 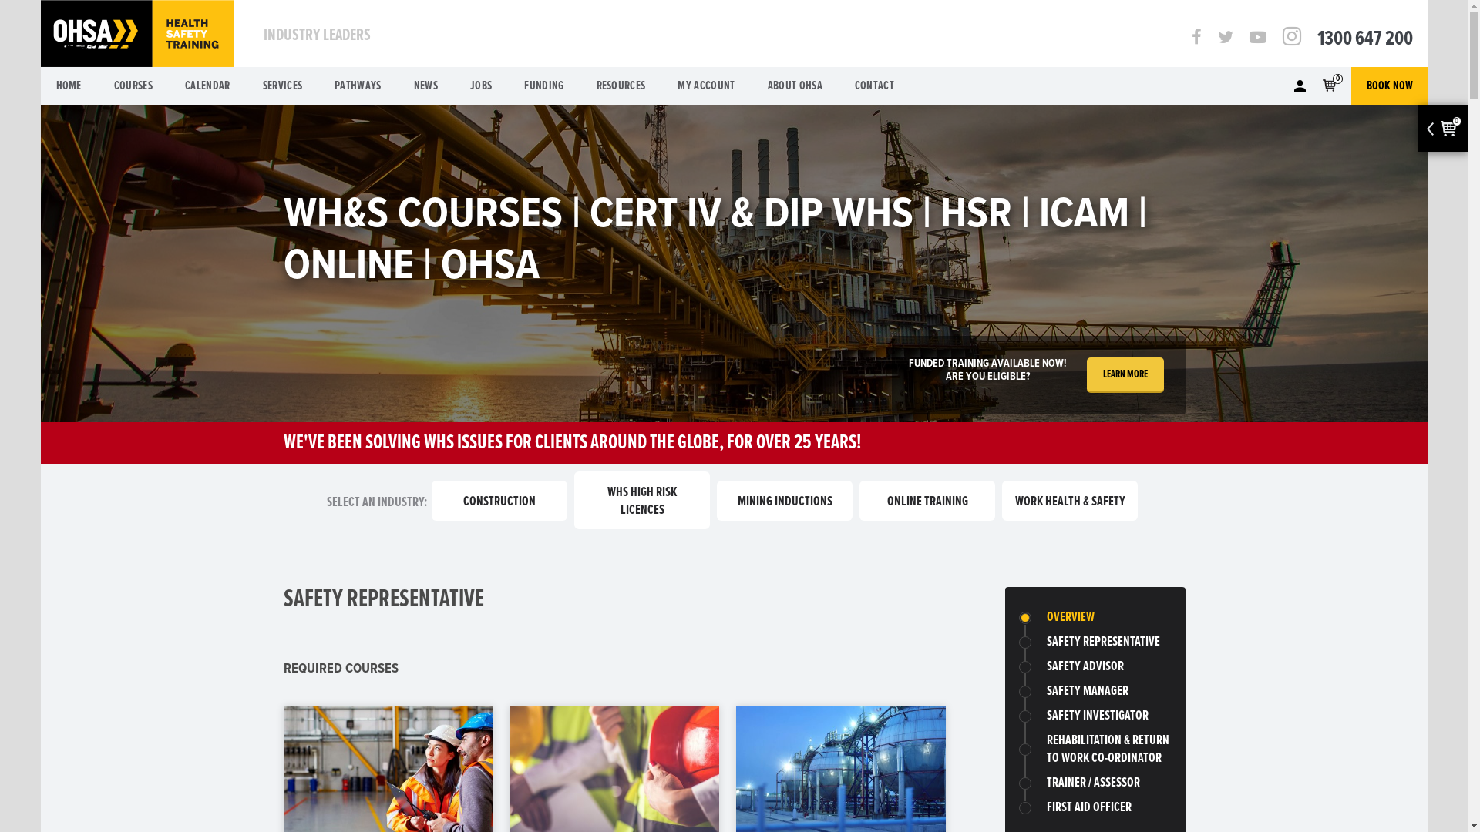 What do you see at coordinates (480, 86) in the screenshot?
I see `'JOBS'` at bounding box center [480, 86].